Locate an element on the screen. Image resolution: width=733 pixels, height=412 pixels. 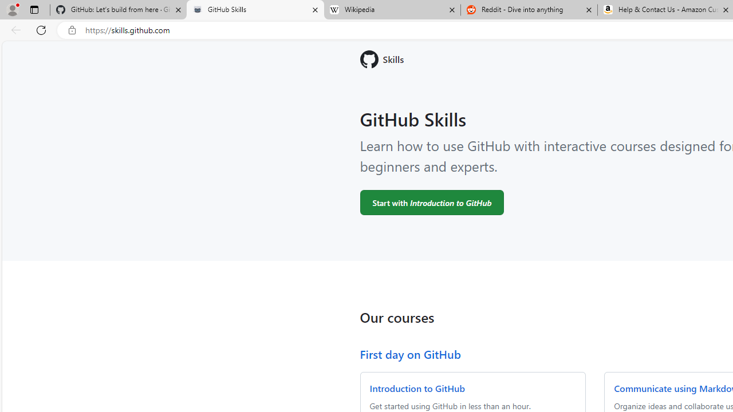
'Start with Introduction to GitHub' is located at coordinates (431, 201).